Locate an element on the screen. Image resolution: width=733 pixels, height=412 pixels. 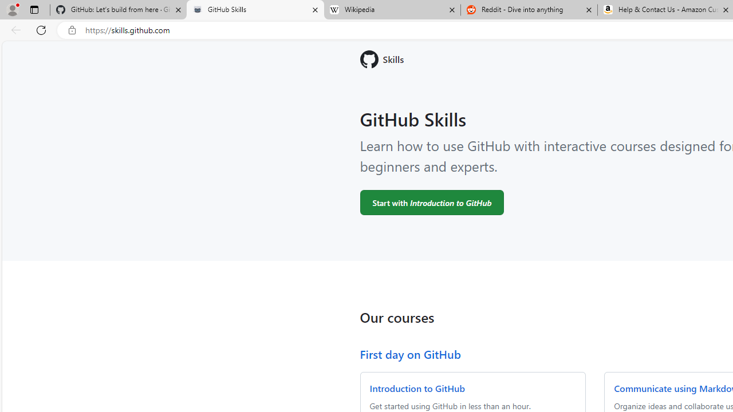
'Start with Introduction to GitHub' is located at coordinates (431, 201).